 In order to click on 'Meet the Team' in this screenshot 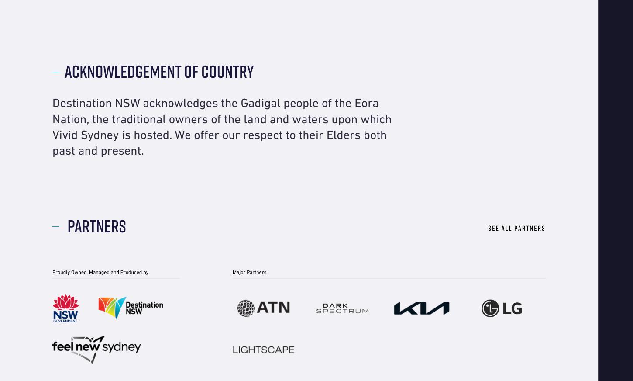, I will do `click(71, 34)`.